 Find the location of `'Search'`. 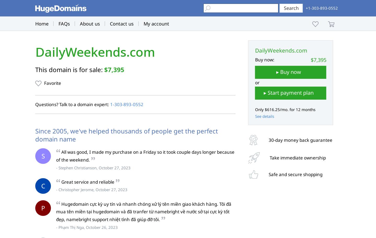

'Search' is located at coordinates (291, 8).